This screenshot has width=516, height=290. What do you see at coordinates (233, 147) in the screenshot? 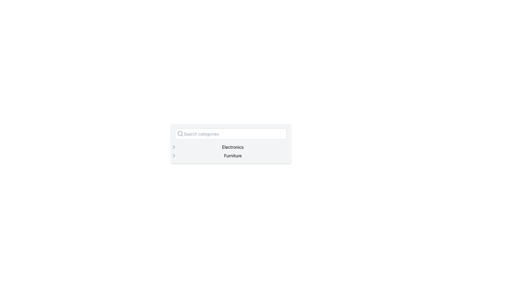
I see `the 'Electronics' text label, which is displayed in black within a light gray menu section, located above the 'Furniture' label` at bounding box center [233, 147].